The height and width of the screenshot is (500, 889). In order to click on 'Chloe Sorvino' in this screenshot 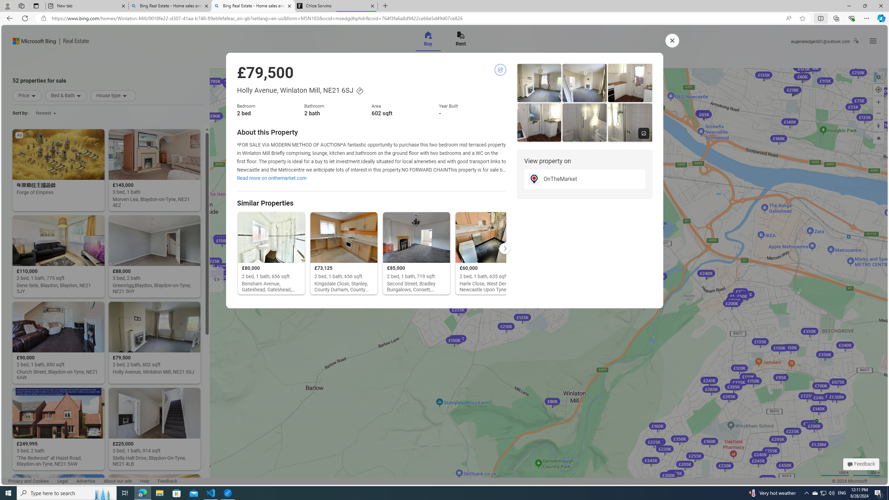, I will do `click(335, 6)`.